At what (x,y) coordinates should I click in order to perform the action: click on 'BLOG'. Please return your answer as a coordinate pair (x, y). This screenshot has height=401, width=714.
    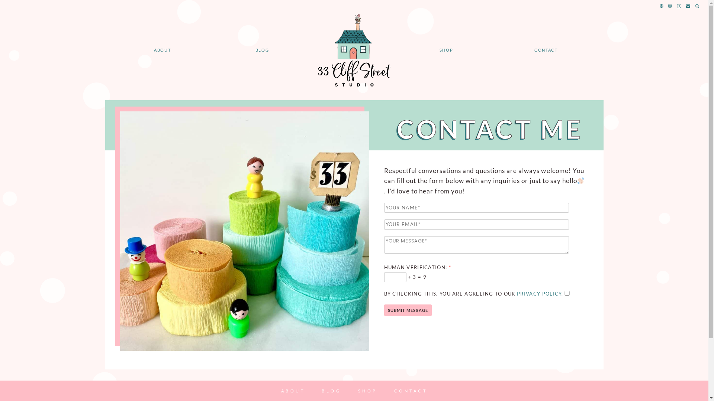
    Looking at the image, I should click on (262, 50).